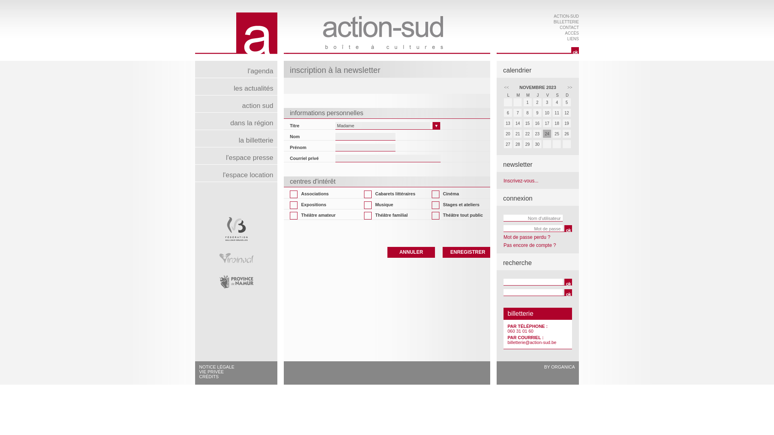  What do you see at coordinates (537, 87) in the screenshot?
I see `'NOVEMBRE 2023'` at bounding box center [537, 87].